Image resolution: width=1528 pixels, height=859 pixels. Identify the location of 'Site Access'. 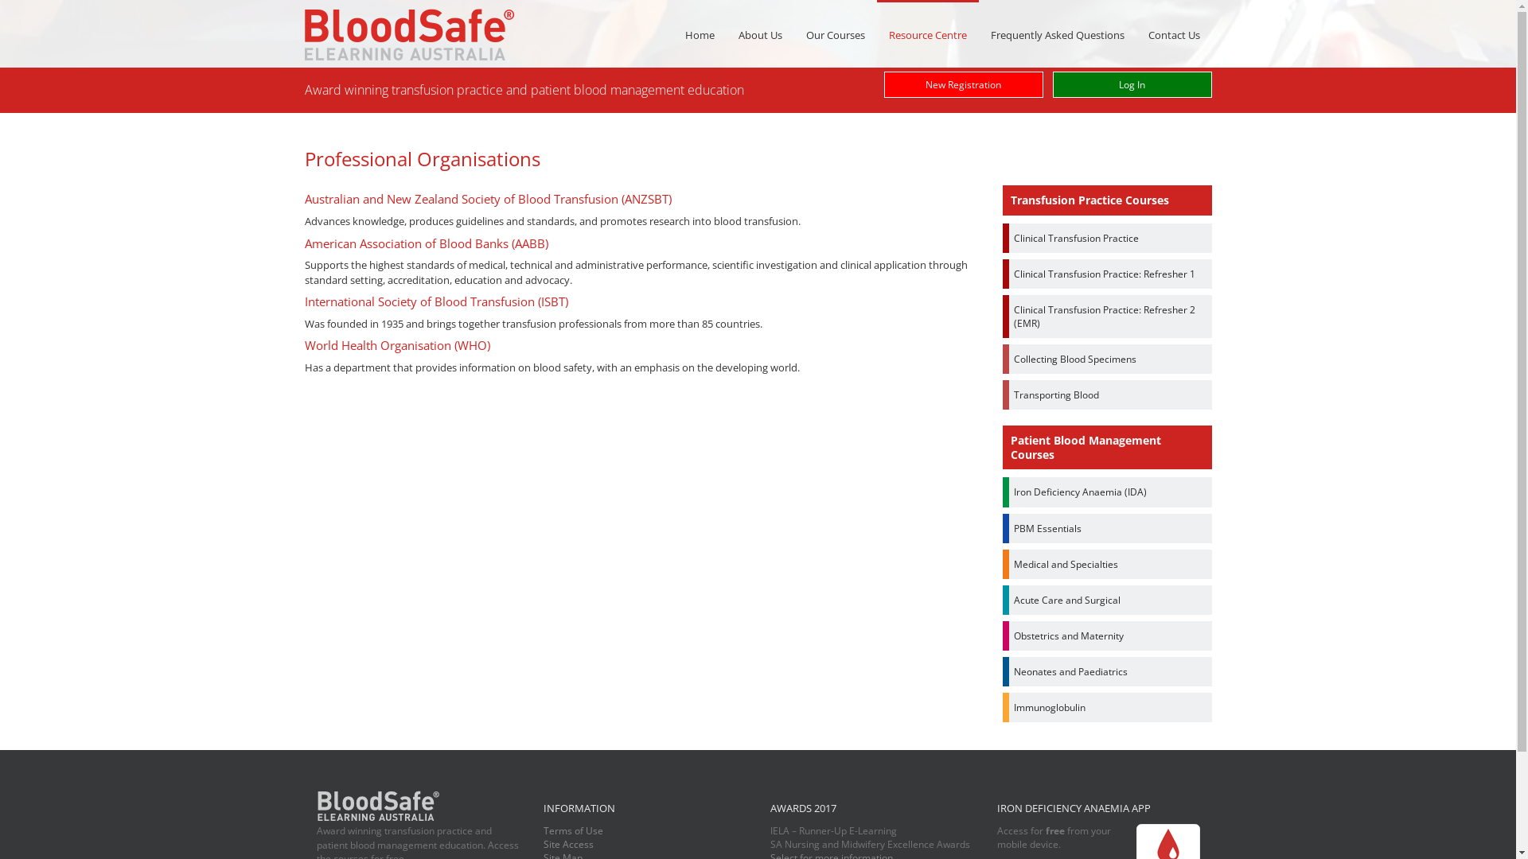
(567, 843).